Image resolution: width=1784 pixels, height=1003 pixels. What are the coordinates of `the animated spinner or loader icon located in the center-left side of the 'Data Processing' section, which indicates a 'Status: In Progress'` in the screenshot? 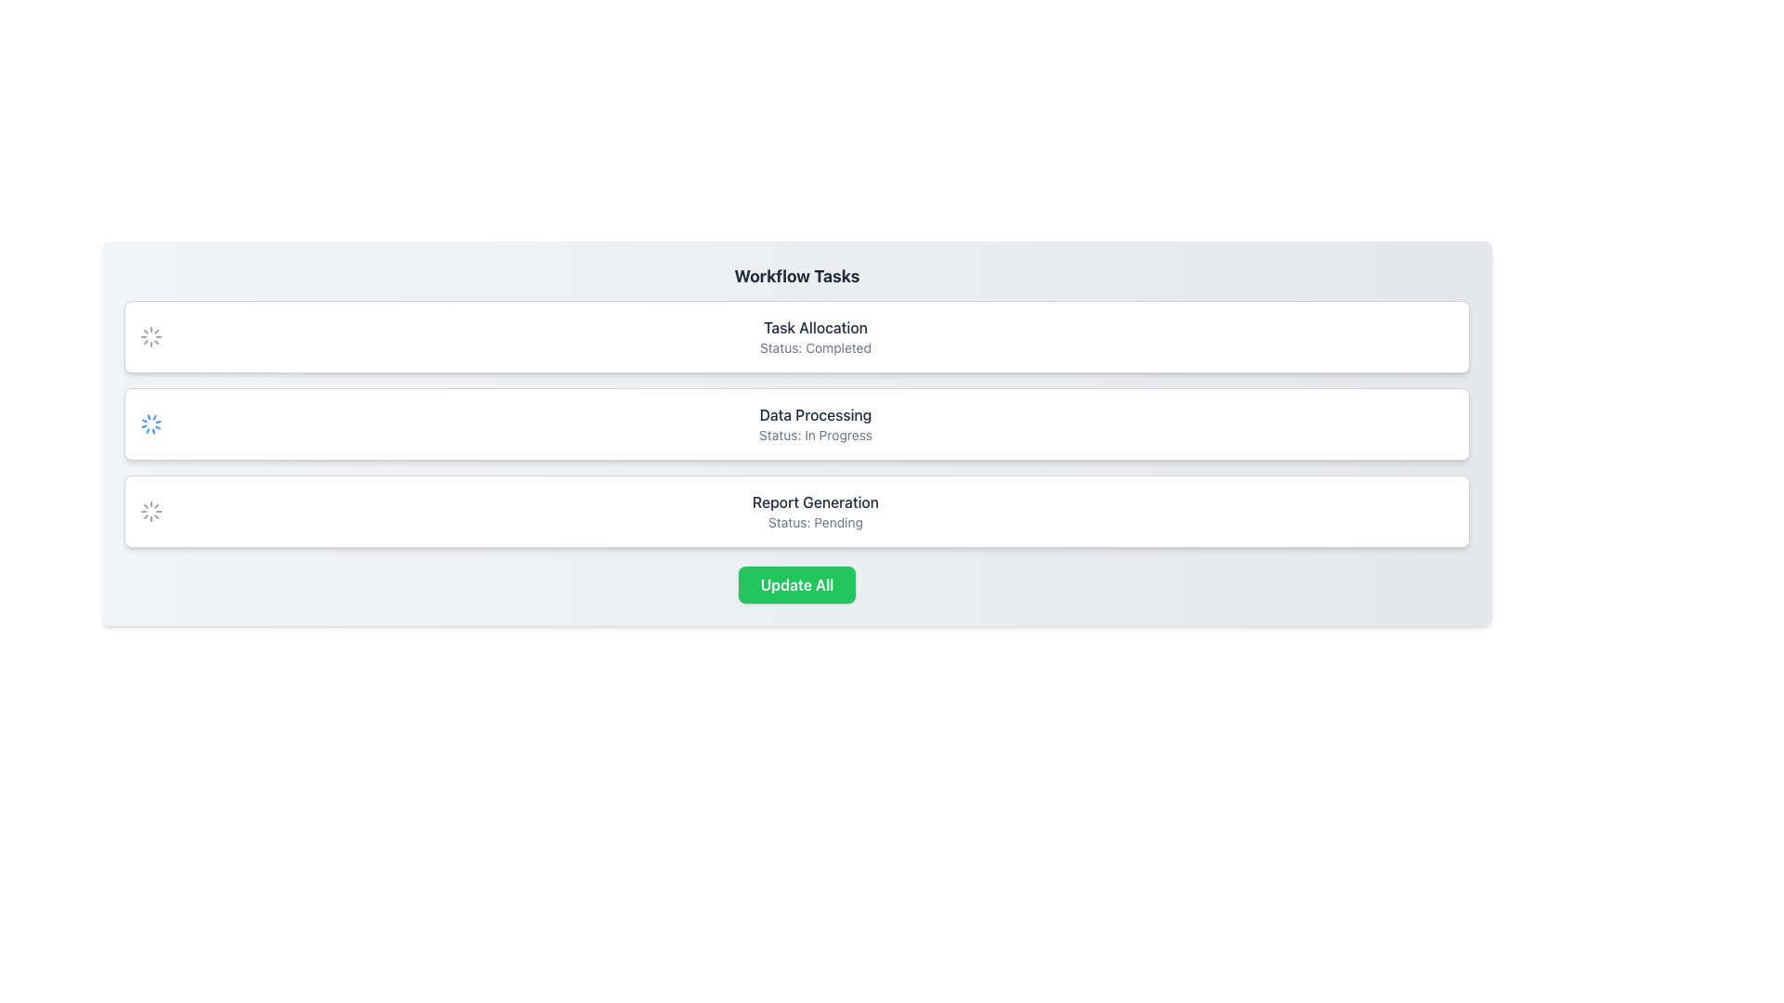 It's located at (151, 423).